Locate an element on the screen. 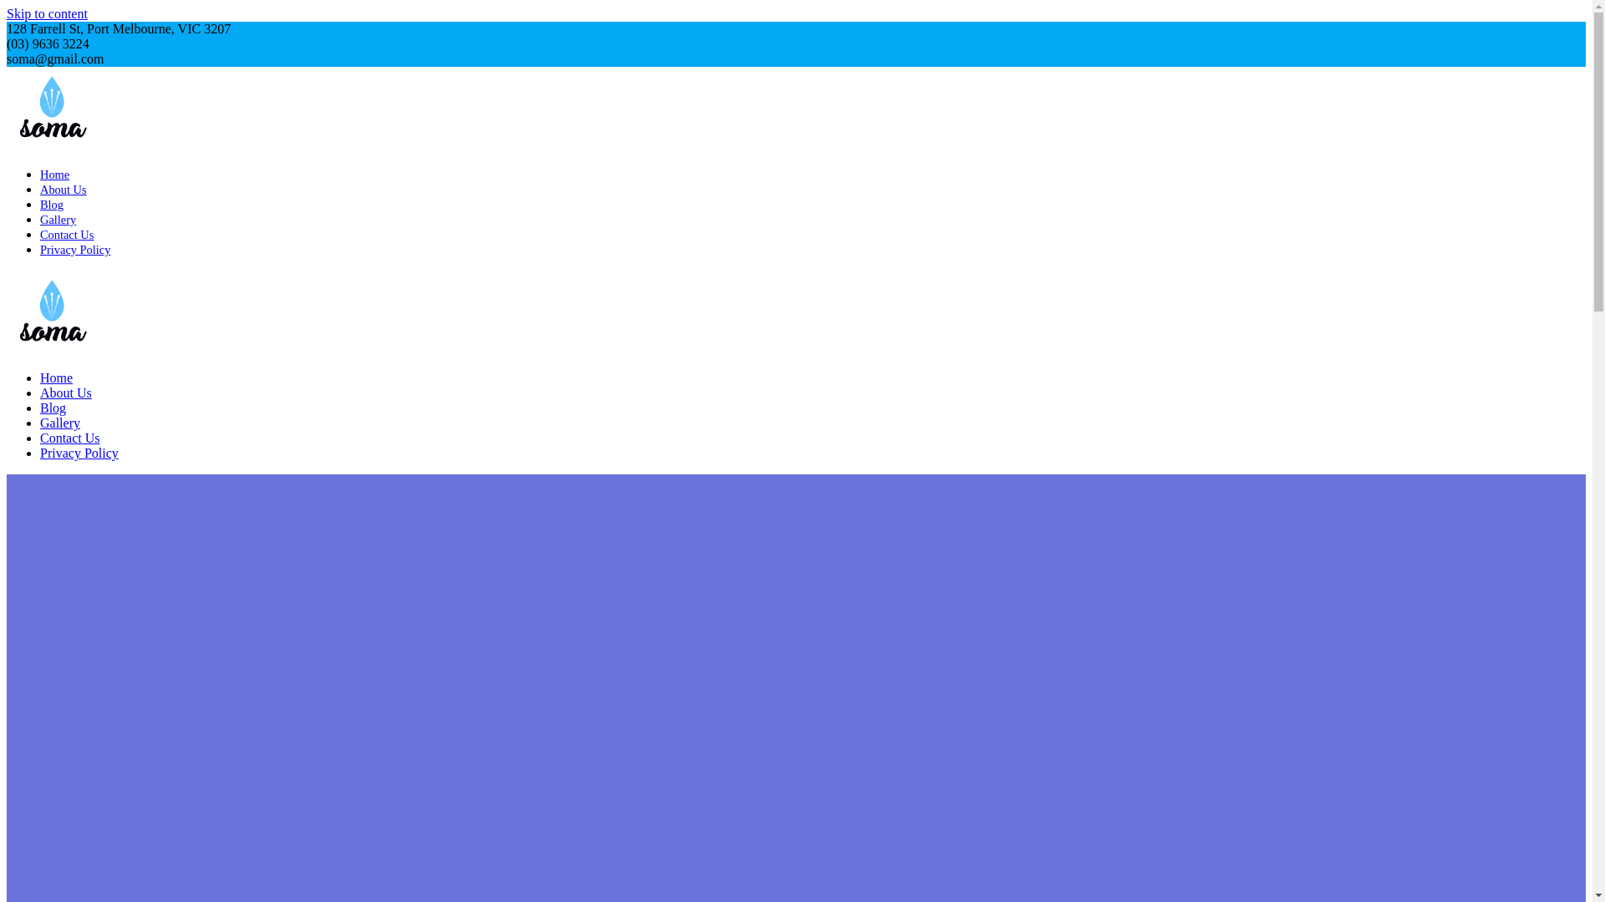 The height and width of the screenshot is (902, 1605). 'About Us' is located at coordinates (64, 189).